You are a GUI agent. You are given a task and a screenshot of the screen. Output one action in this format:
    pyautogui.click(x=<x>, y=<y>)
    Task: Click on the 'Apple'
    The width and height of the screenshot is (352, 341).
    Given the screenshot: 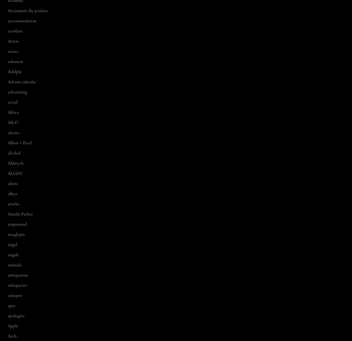 What is the action you would take?
    pyautogui.click(x=8, y=326)
    